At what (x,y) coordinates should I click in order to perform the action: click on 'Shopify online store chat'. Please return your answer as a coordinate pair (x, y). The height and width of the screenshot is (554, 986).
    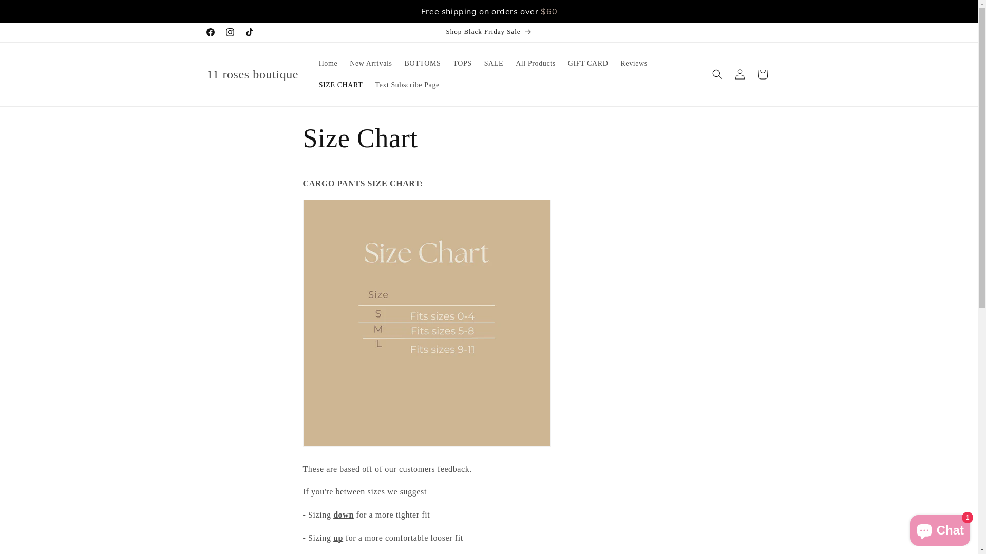
    Looking at the image, I should click on (940, 528).